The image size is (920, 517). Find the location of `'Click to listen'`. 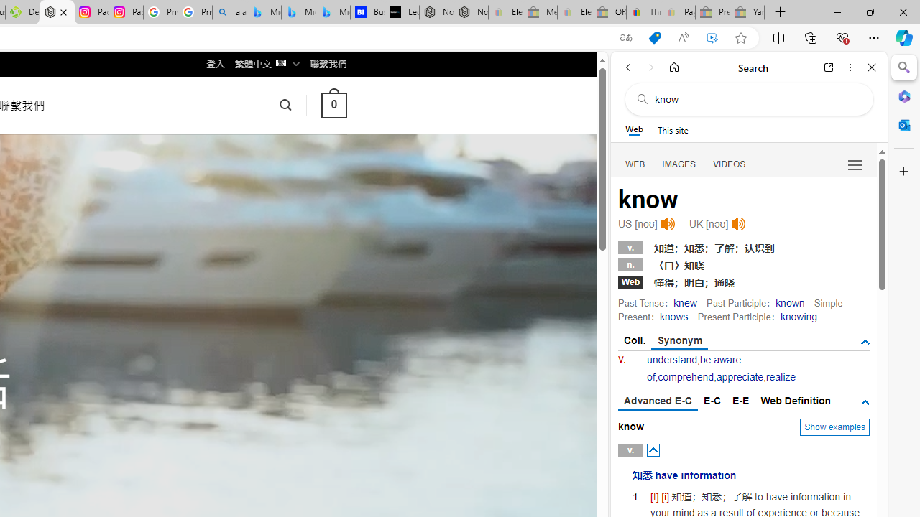

'Click to listen' is located at coordinates (738, 224).